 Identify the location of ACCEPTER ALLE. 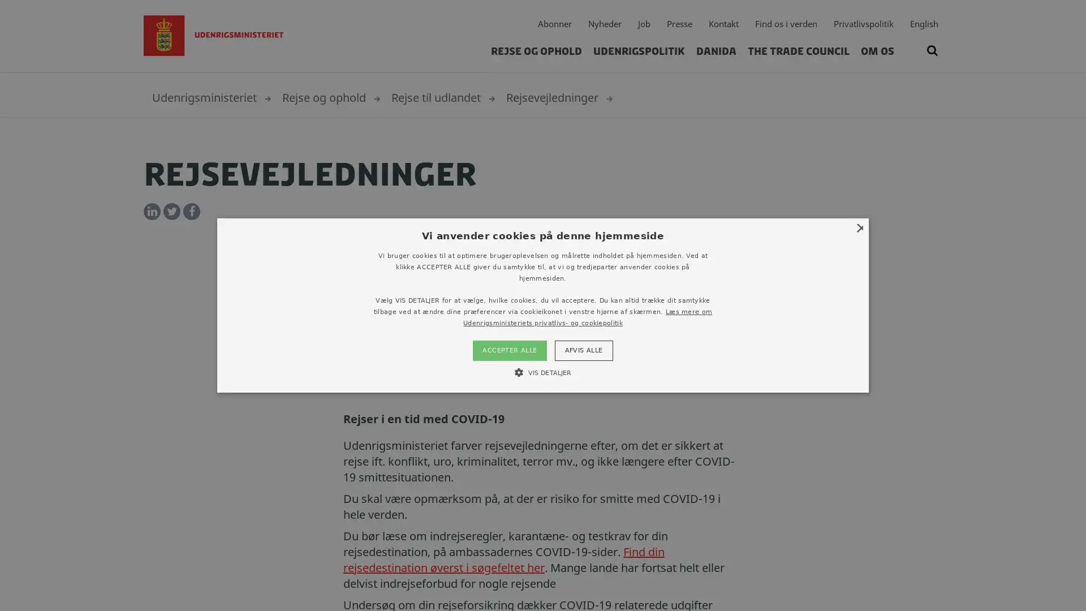
(509, 349).